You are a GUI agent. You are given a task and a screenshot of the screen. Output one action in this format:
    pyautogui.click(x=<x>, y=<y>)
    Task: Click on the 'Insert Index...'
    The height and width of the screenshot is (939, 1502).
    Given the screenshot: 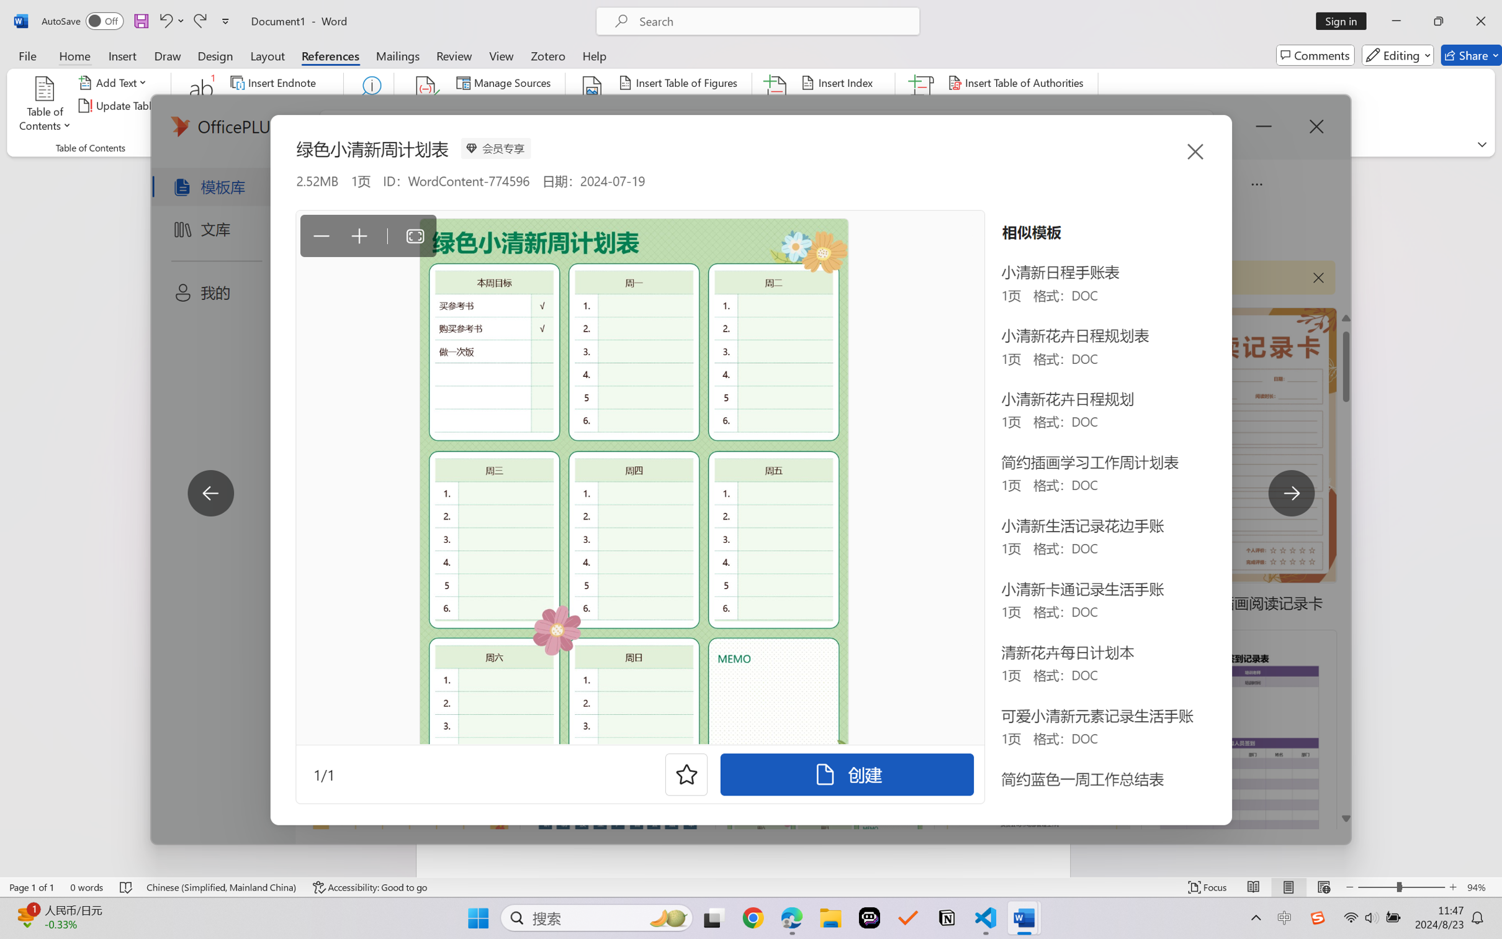 What is the action you would take?
    pyautogui.click(x=838, y=81)
    